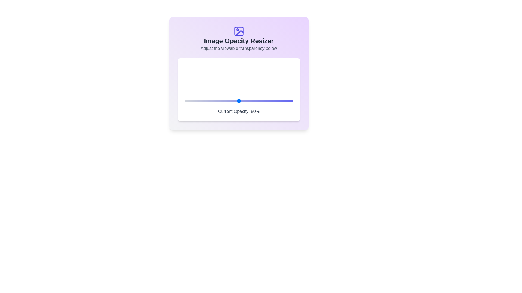 Image resolution: width=522 pixels, height=293 pixels. What do you see at coordinates (239, 40) in the screenshot?
I see `the header text 'Image Opacity Resizer' for copying` at bounding box center [239, 40].